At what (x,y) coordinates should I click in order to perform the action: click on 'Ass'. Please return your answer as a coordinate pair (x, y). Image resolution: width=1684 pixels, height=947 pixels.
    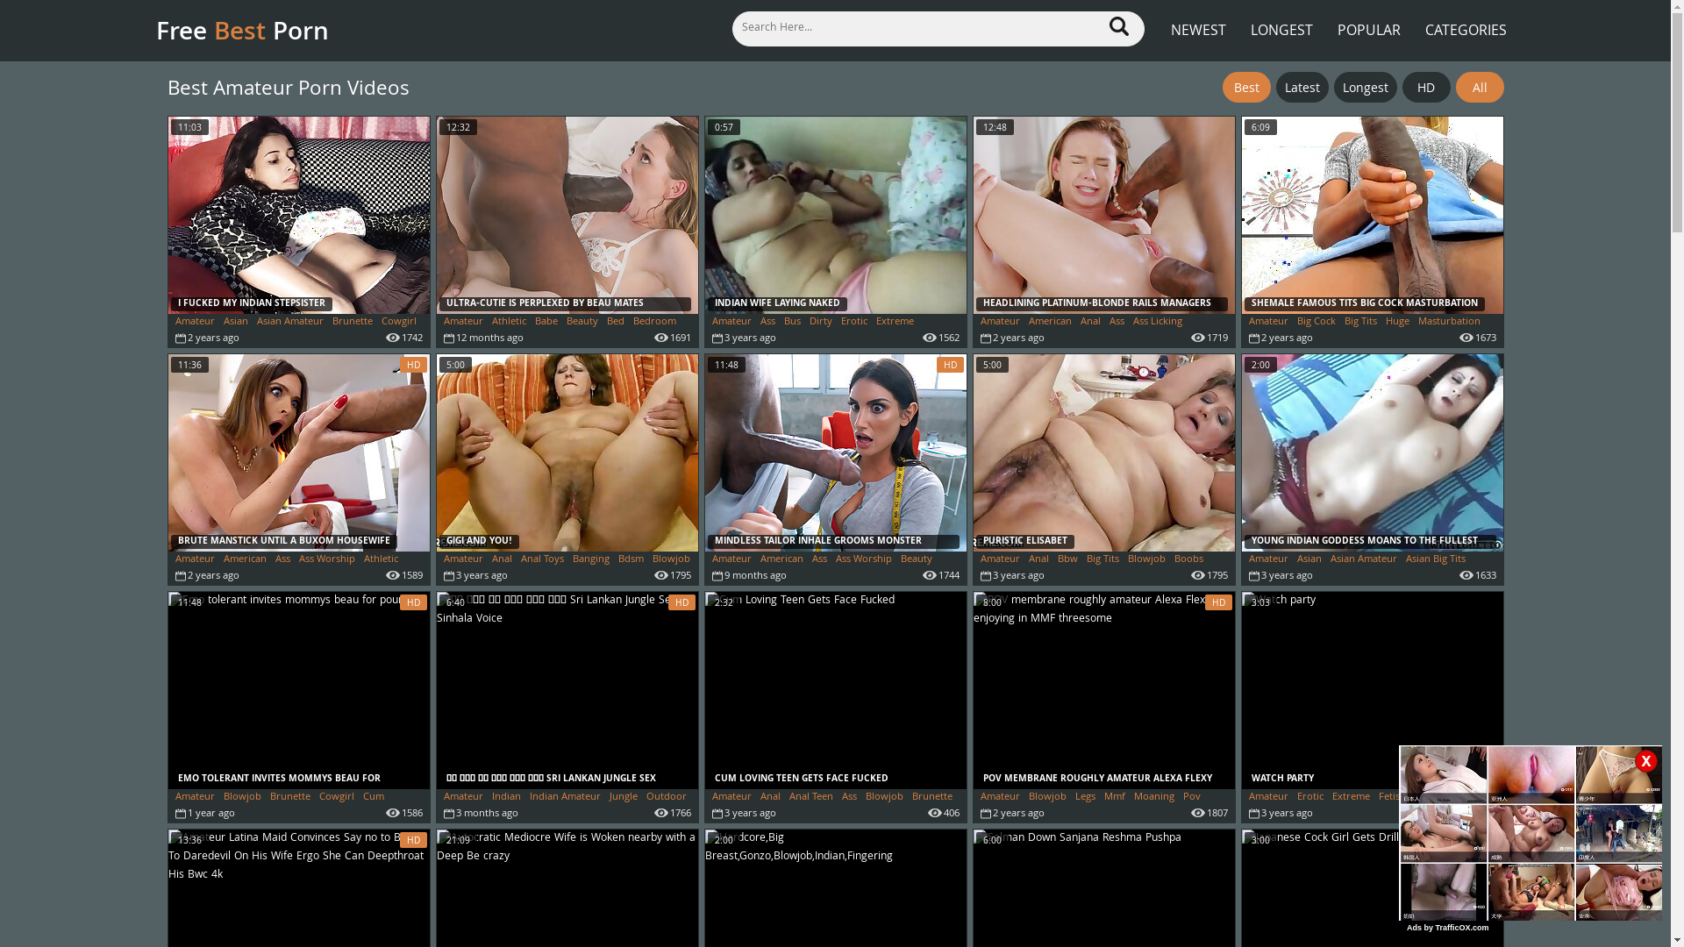
    Looking at the image, I should click on (282, 559).